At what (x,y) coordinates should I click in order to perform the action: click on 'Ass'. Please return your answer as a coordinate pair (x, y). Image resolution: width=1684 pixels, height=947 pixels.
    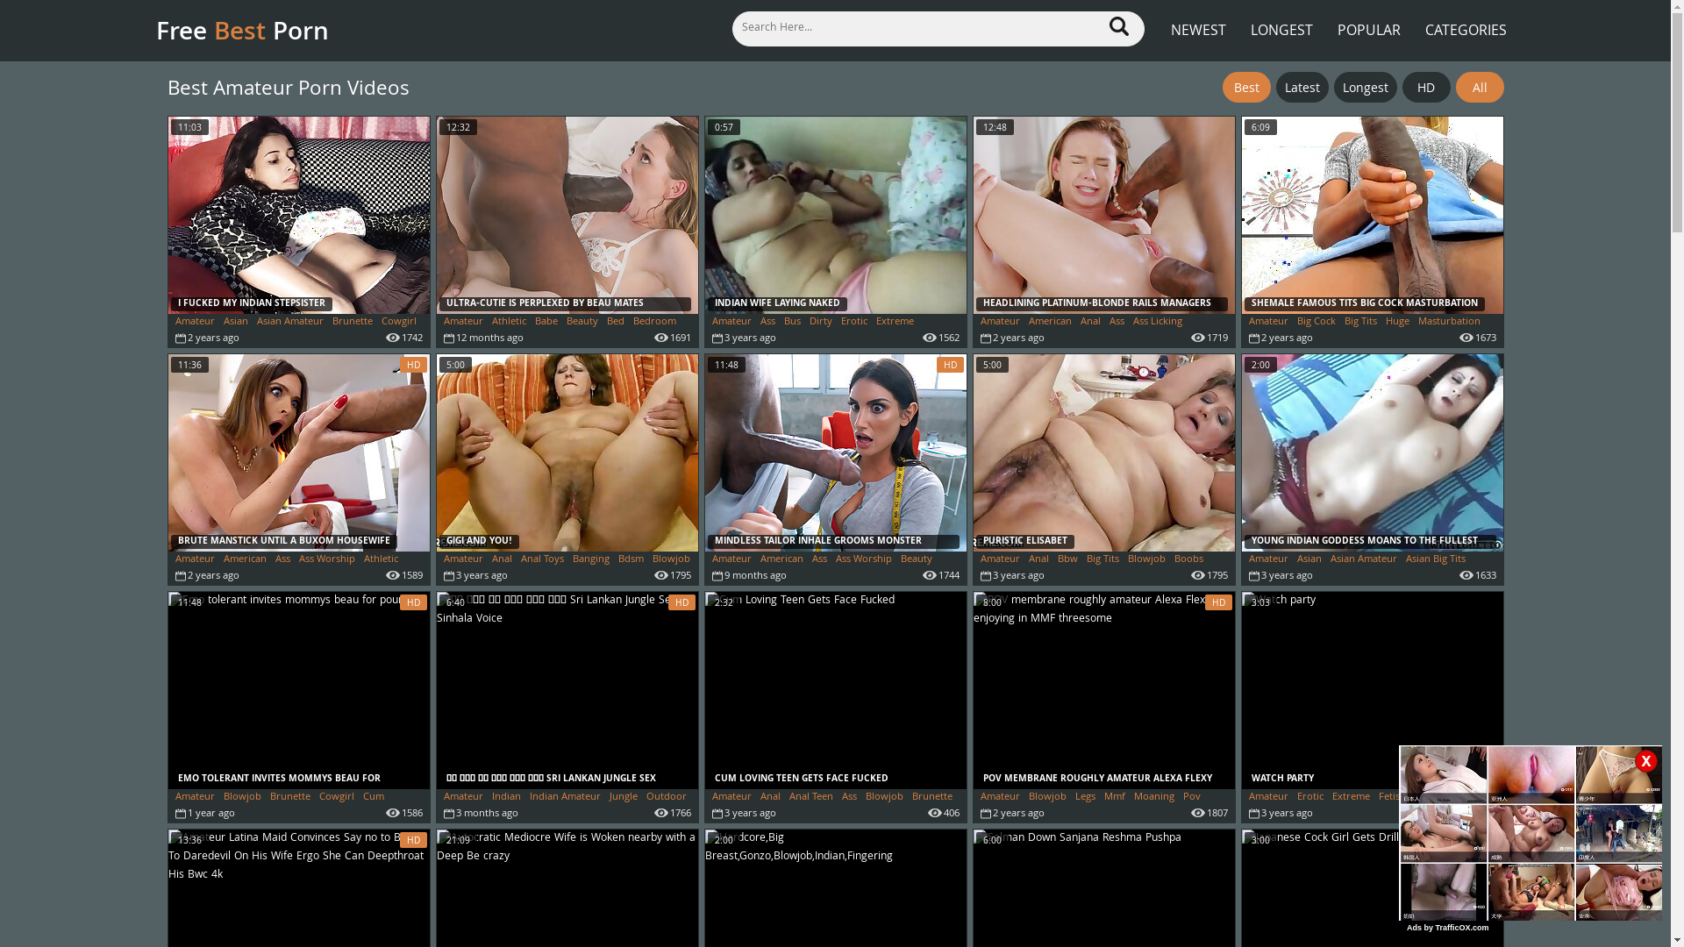
    Looking at the image, I should click on (282, 559).